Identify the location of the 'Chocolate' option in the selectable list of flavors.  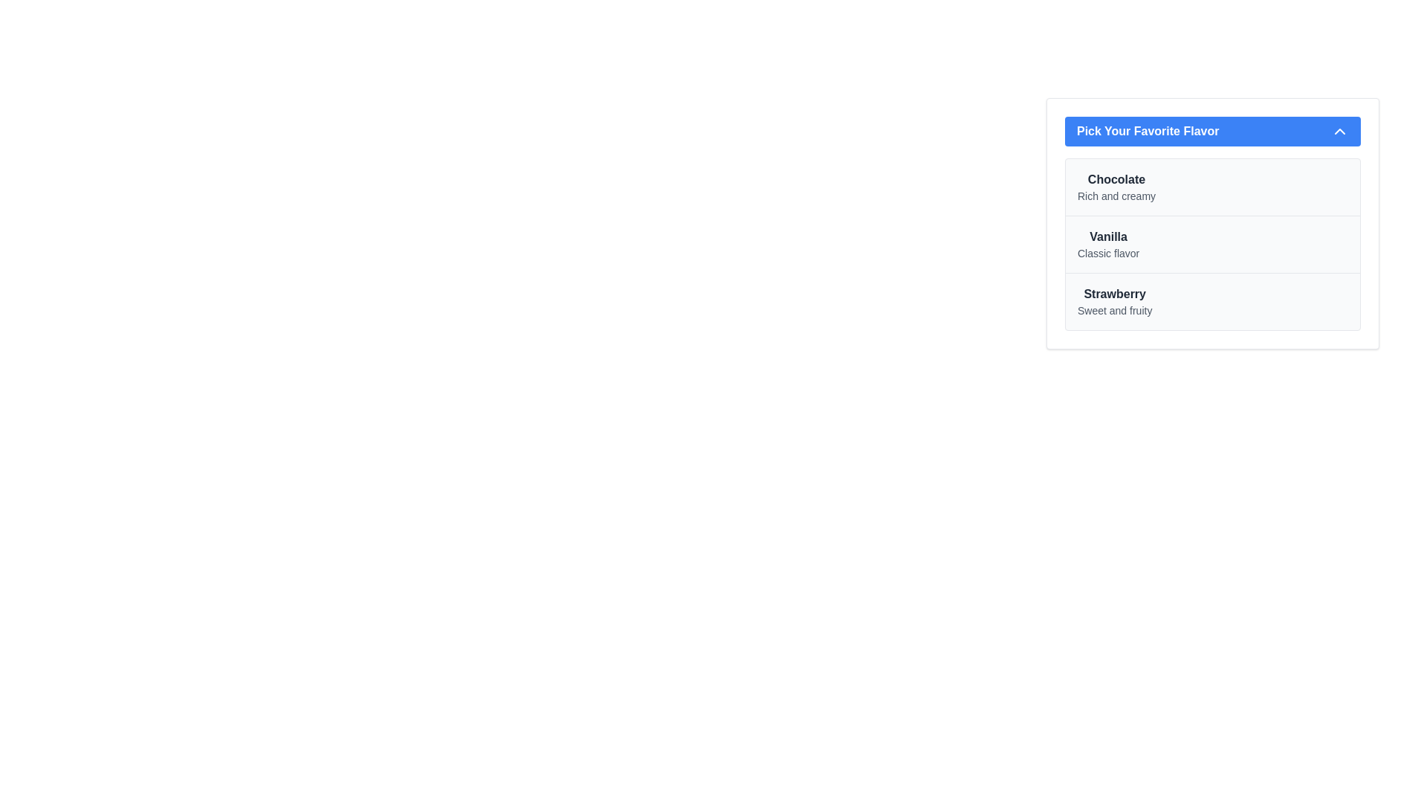
(1213, 186).